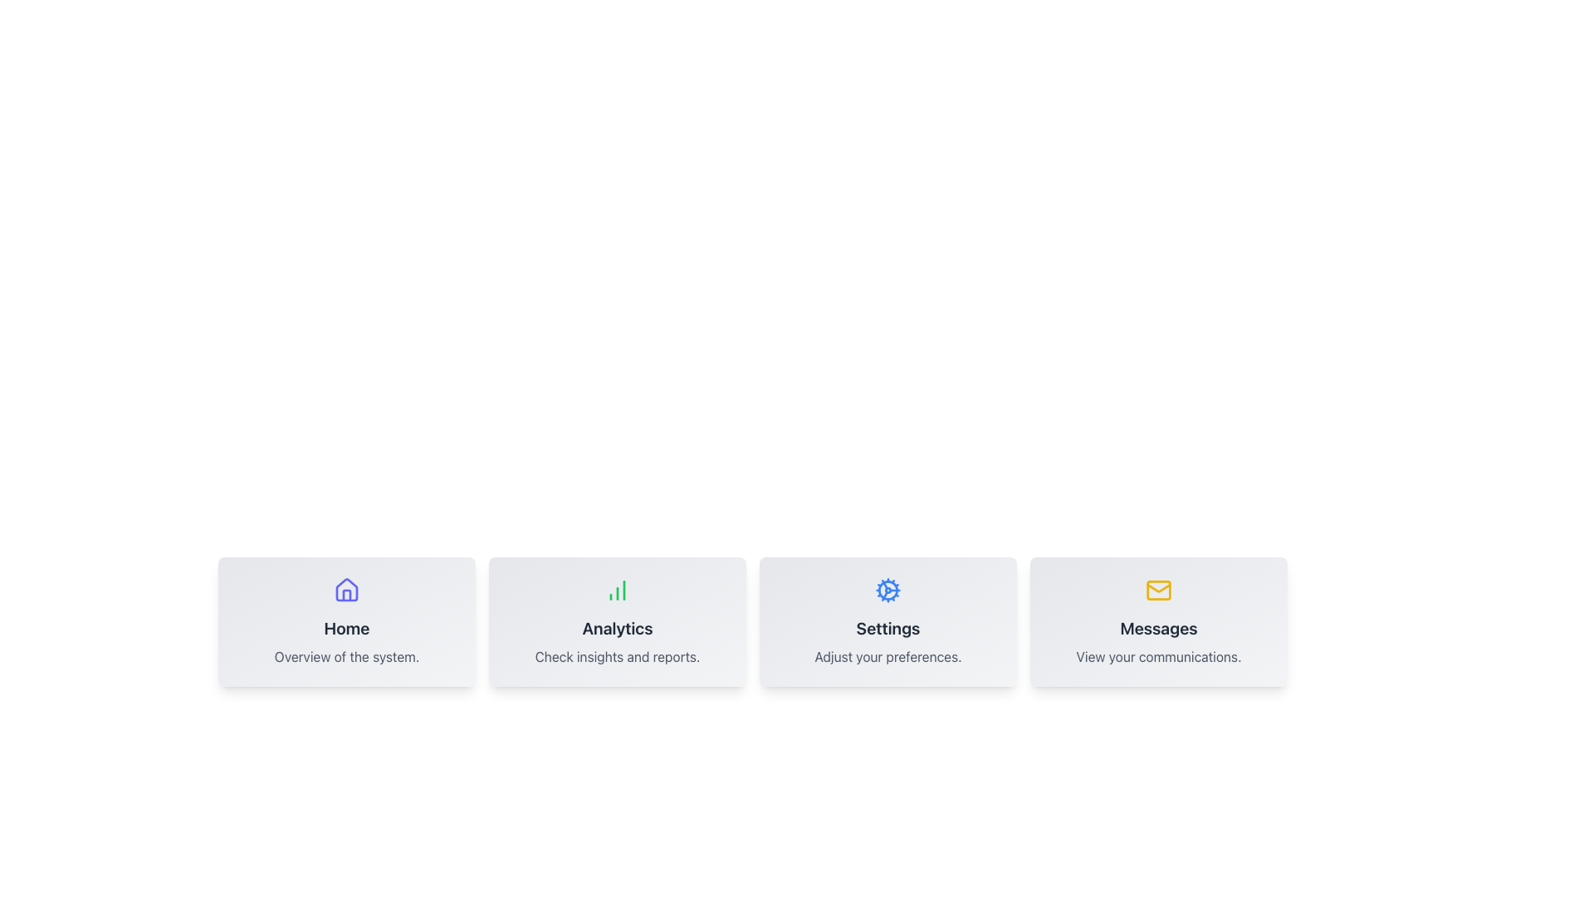 This screenshot has height=897, width=1594. I want to click on the third Informational card in the grid layout, which contains a cogwheel icon at the top center and is positioned between the 'Analytics' and 'Messages' cards, so click(887, 621).